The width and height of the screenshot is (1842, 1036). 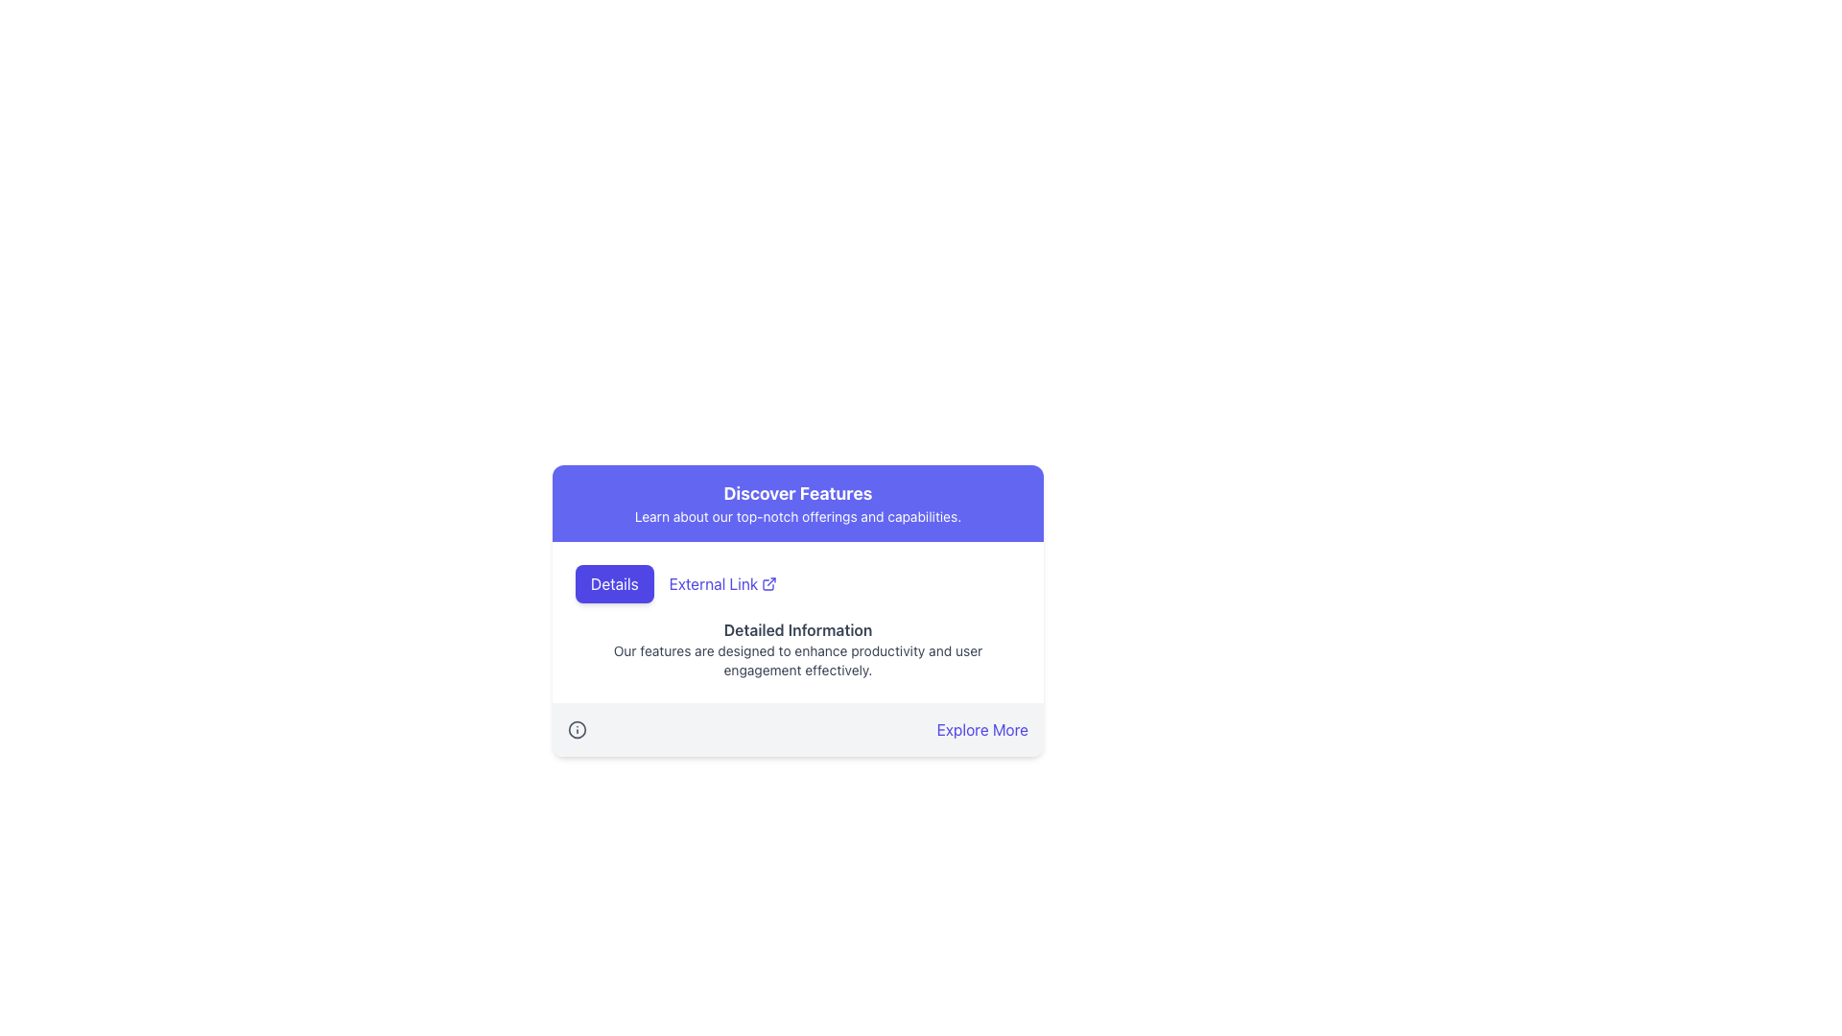 What do you see at coordinates (614, 583) in the screenshot?
I see `the purple button labeled 'Details' to observe the color change when hovered` at bounding box center [614, 583].